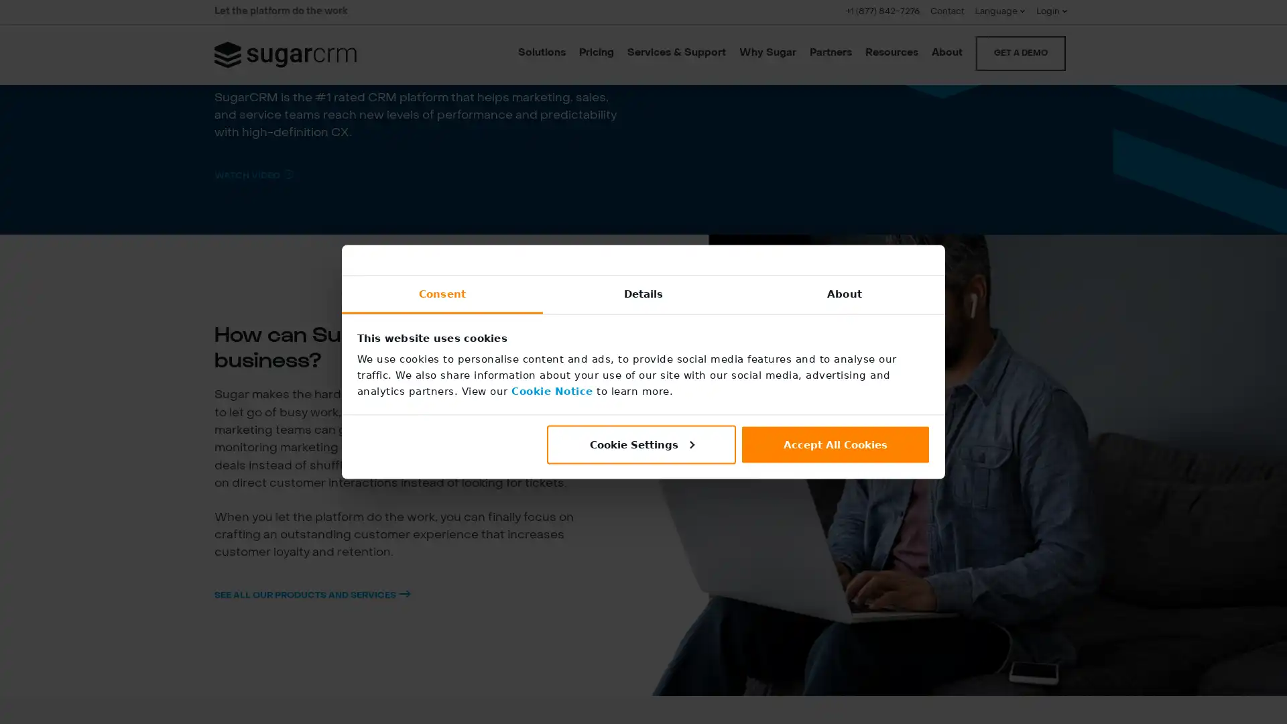 This screenshot has width=1287, height=724. I want to click on Accept All Cookies, so click(835, 444).